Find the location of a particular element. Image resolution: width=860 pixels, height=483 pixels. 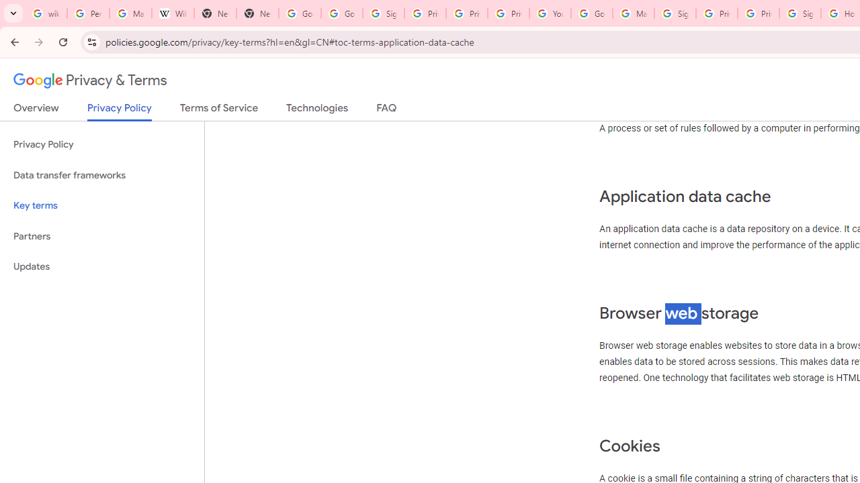

'New Tab' is located at coordinates (257, 13).